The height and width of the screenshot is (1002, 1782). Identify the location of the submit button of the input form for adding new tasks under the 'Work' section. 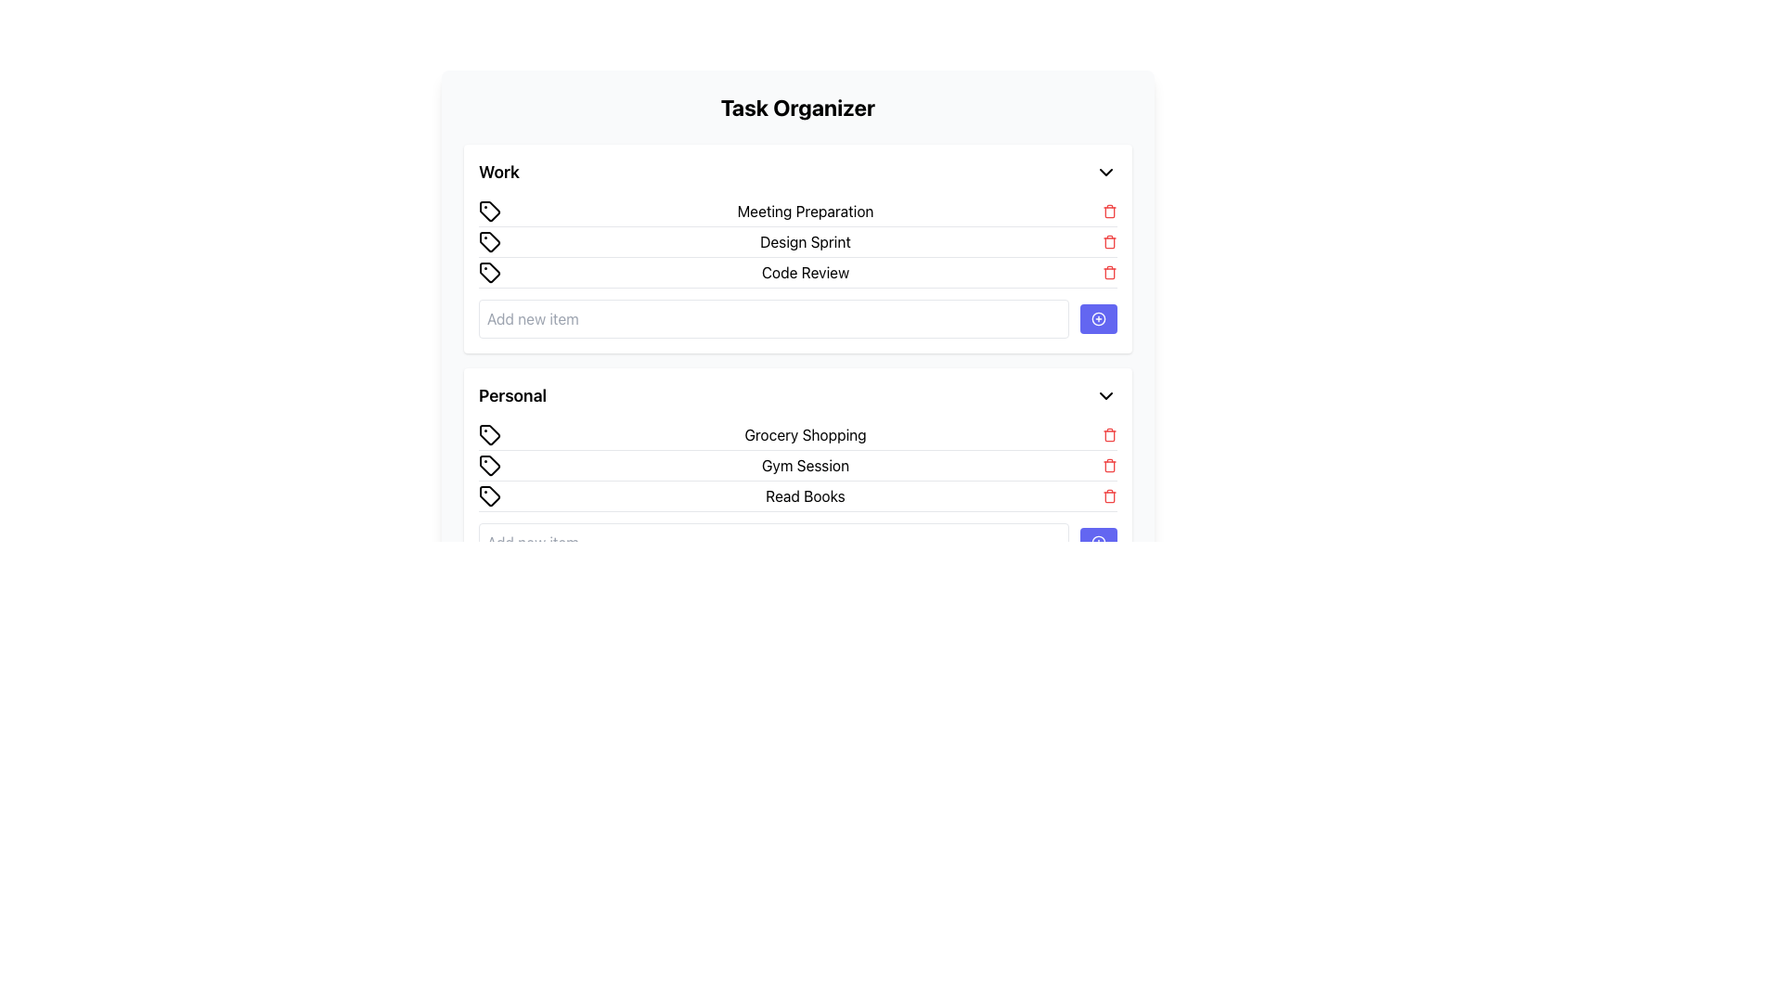
(797, 317).